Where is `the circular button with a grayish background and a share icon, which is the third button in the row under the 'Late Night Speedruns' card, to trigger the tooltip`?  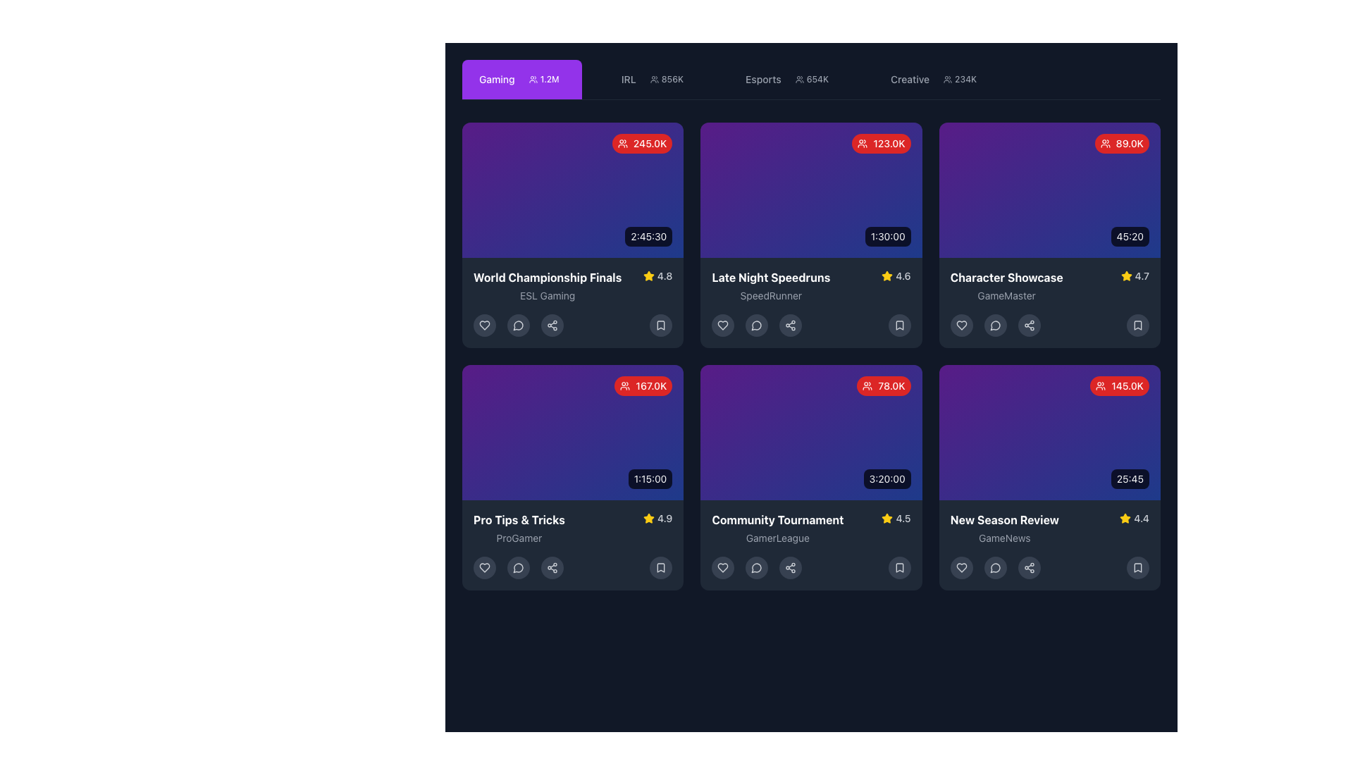 the circular button with a grayish background and a share icon, which is the third button in the row under the 'Late Night Speedruns' card, to trigger the tooltip is located at coordinates (791, 326).